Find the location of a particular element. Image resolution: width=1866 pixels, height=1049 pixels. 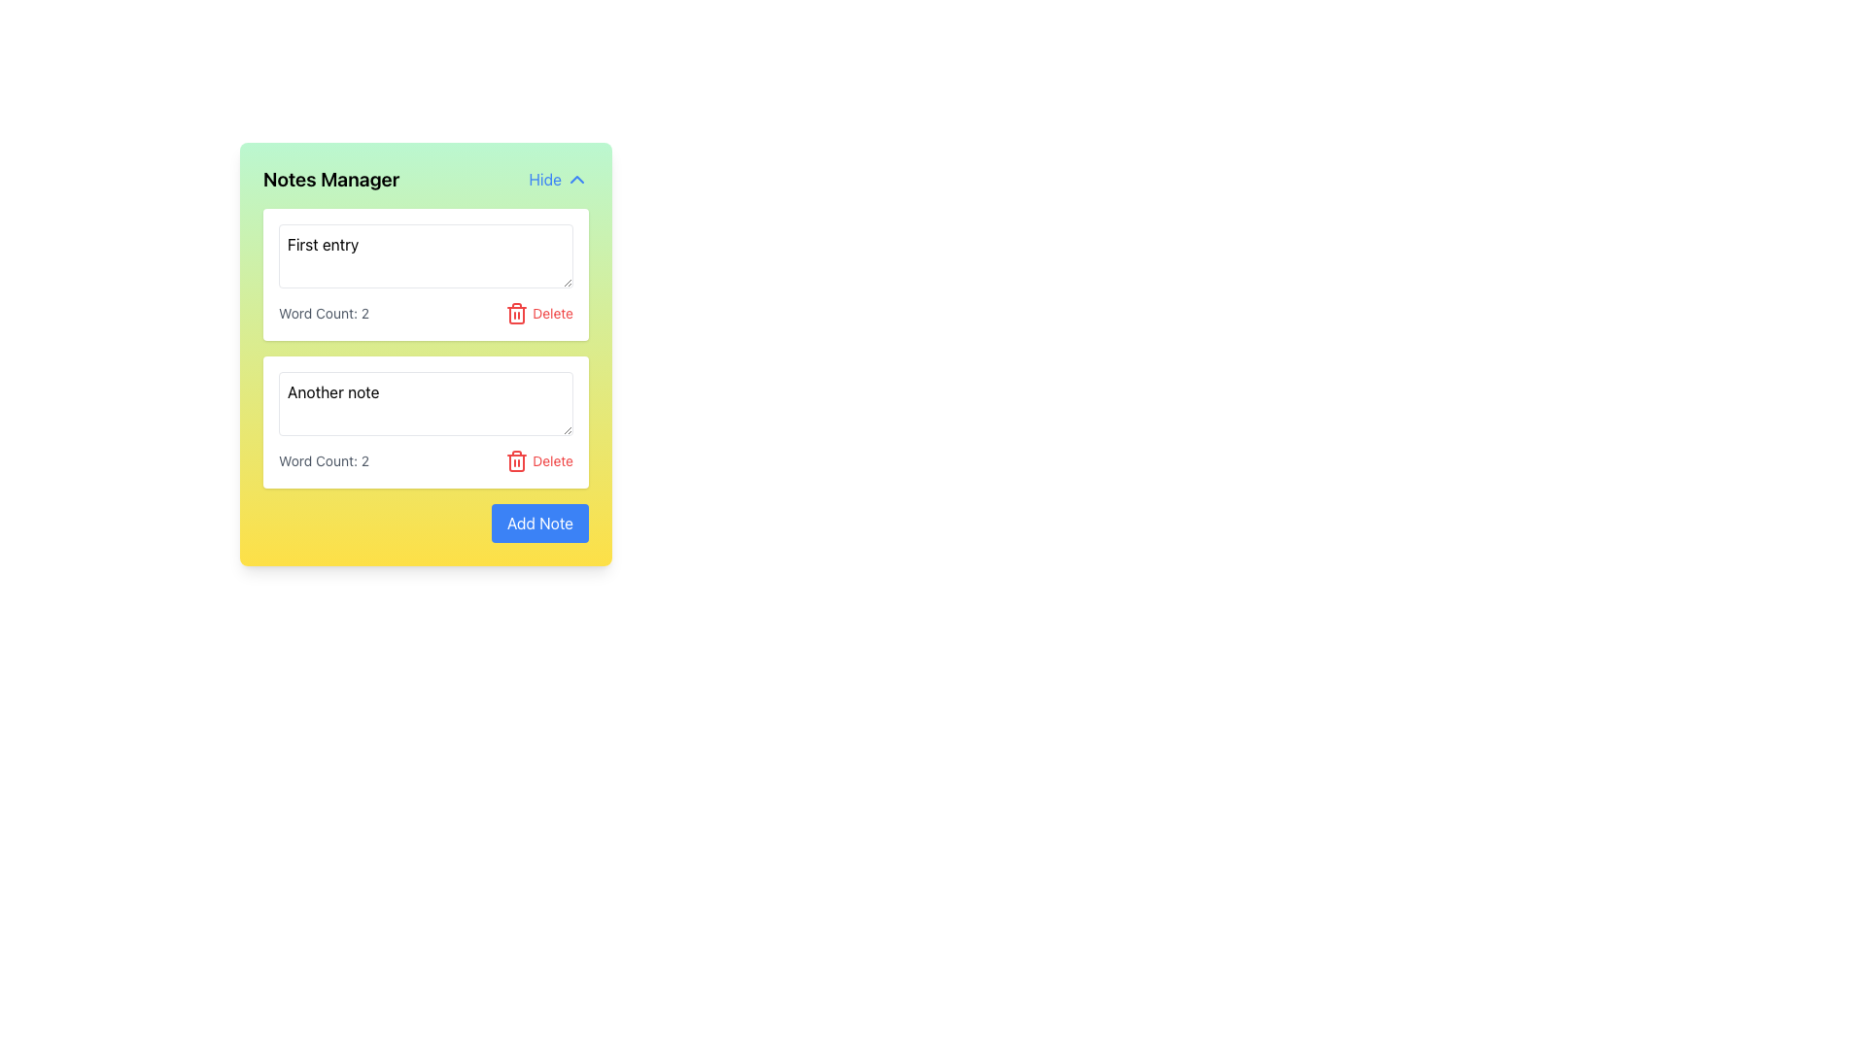

the SVG Icon (Chevron Up) located to the right of the 'Hide' text in the 'Notes Manager' interface is located at coordinates (576, 180).